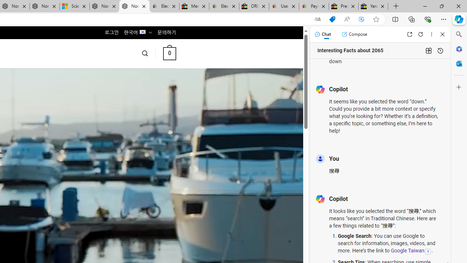 The image size is (467, 263). What do you see at coordinates (169, 53) in the screenshot?
I see `' 0 '` at bounding box center [169, 53].